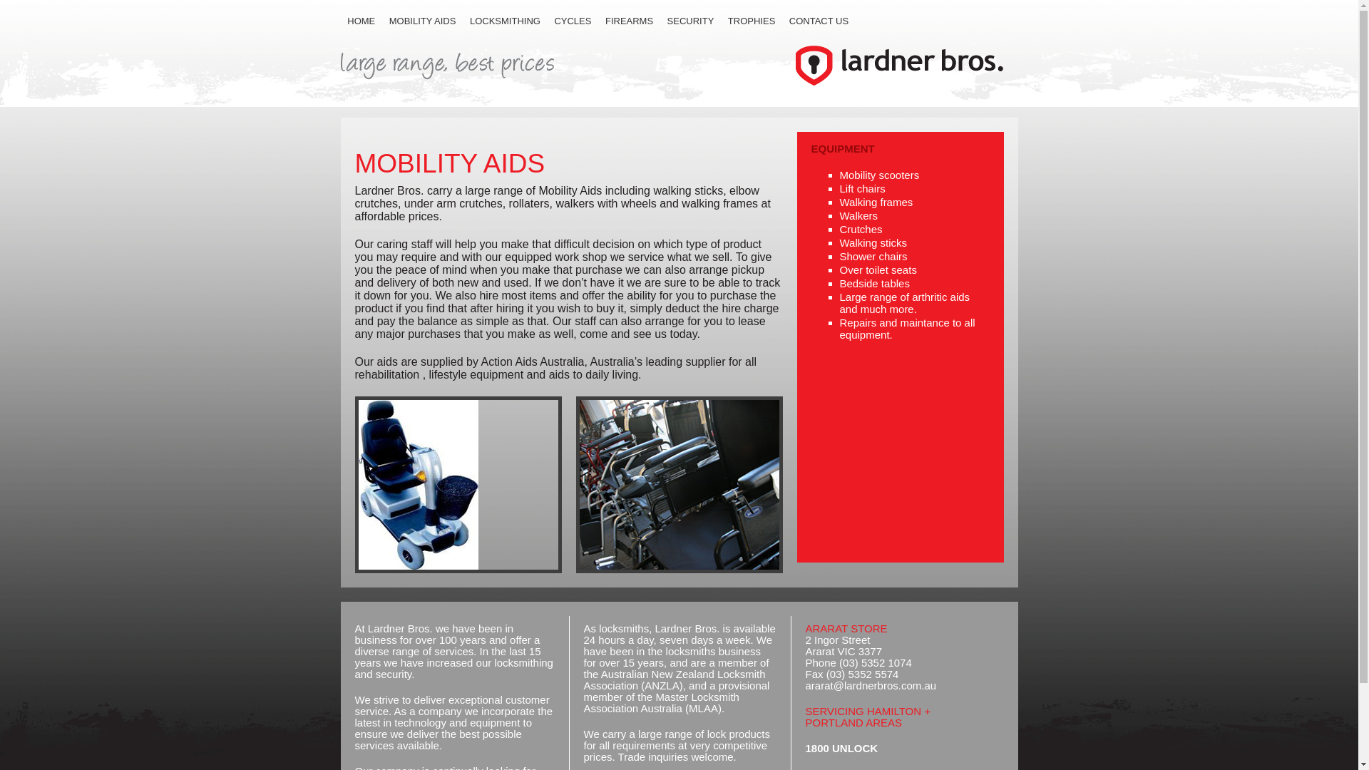 The height and width of the screenshot is (770, 1369). What do you see at coordinates (598, 21) in the screenshot?
I see `'FIREARMS'` at bounding box center [598, 21].